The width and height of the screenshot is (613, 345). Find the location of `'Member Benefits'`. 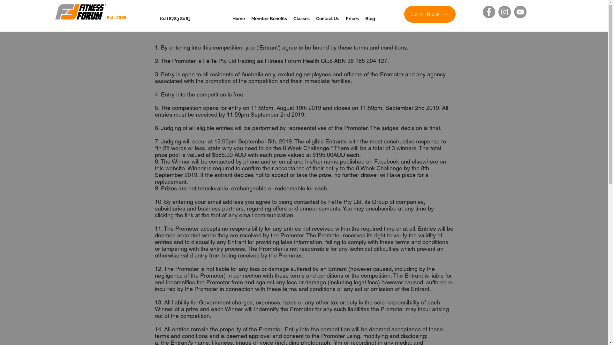

'Member Benefits' is located at coordinates (269, 18).